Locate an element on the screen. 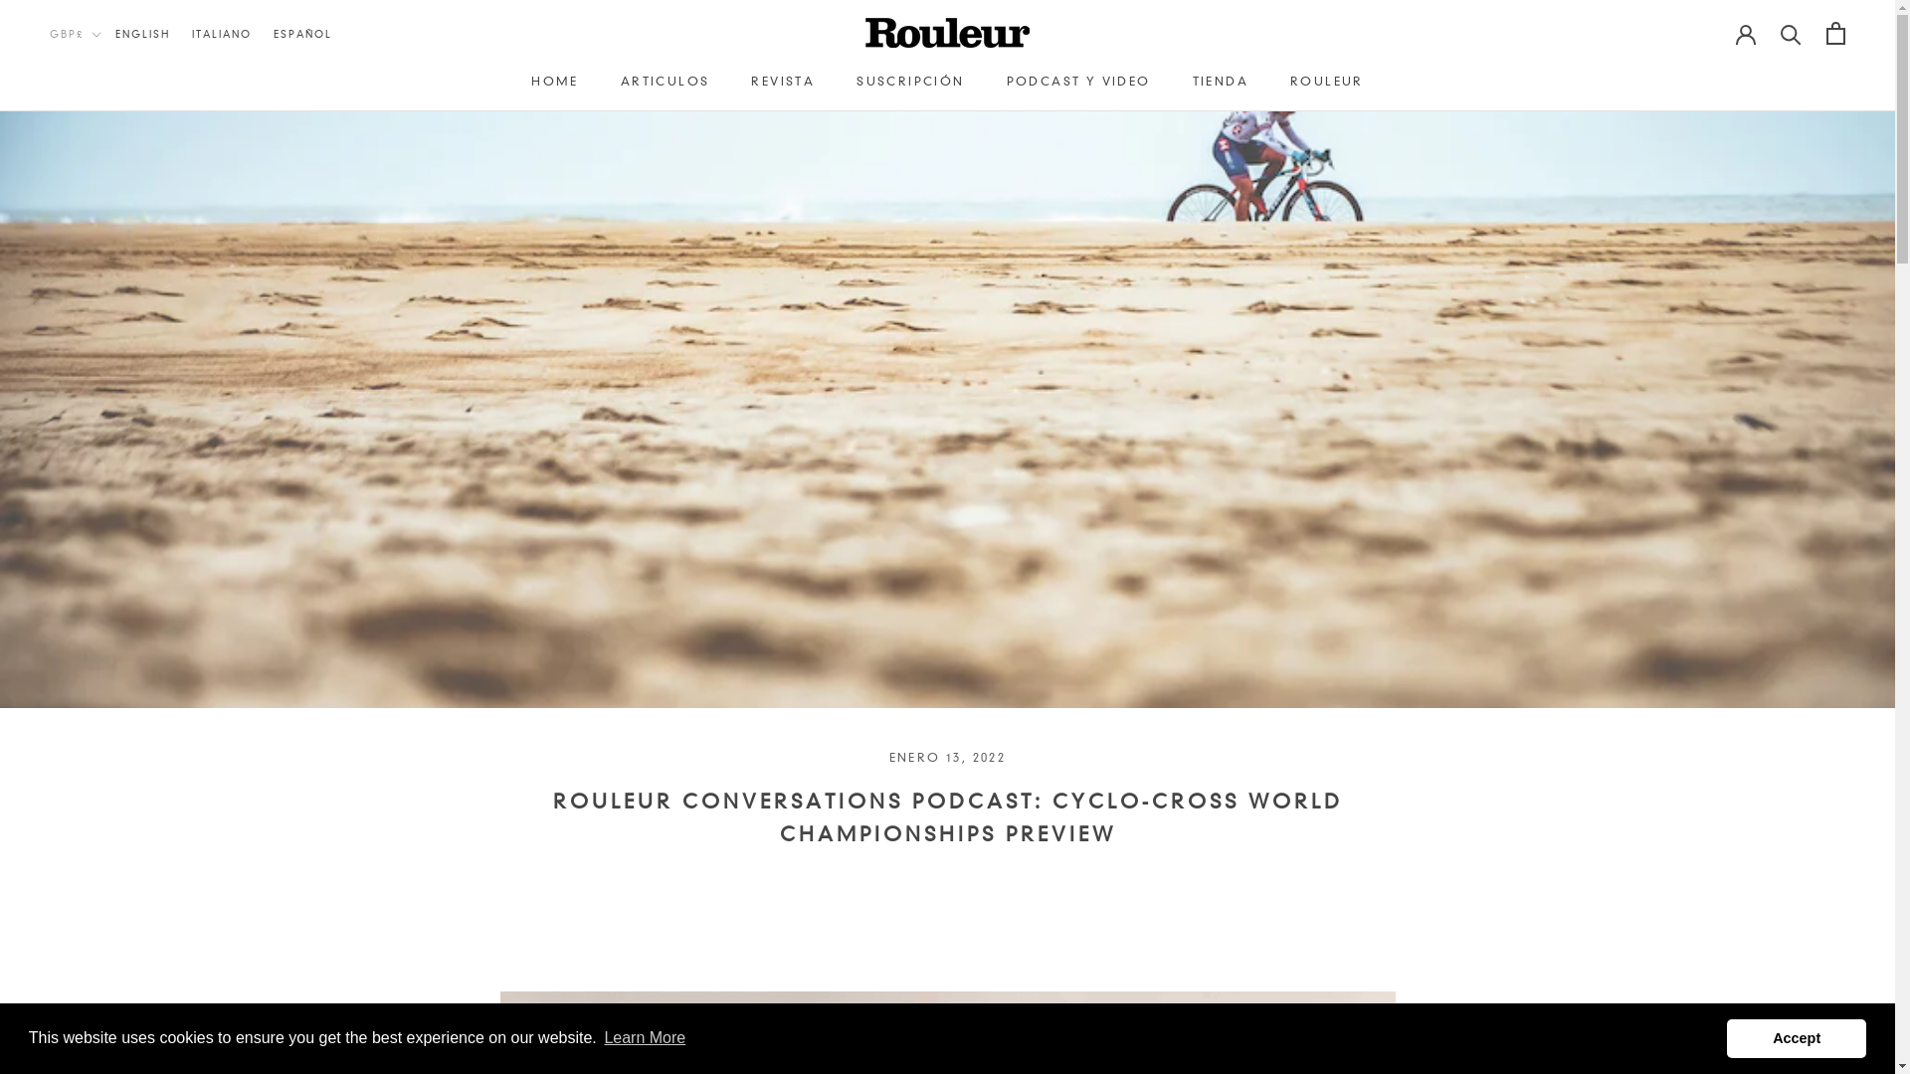  'TIENDA' is located at coordinates (1220, 80).